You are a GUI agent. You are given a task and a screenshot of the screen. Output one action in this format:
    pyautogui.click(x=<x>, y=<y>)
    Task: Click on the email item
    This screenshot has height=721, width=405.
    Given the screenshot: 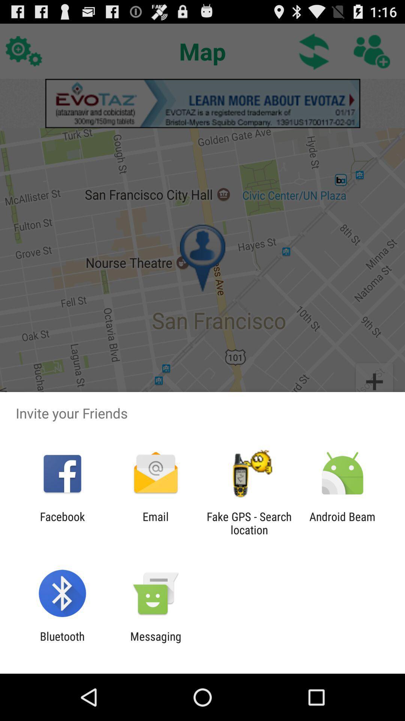 What is the action you would take?
    pyautogui.click(x=155, y=523)
    